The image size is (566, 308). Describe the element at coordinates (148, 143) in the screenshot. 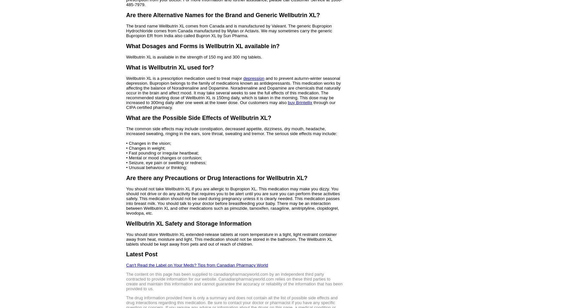

I see `'•	Changes in the vision;'` at that location.